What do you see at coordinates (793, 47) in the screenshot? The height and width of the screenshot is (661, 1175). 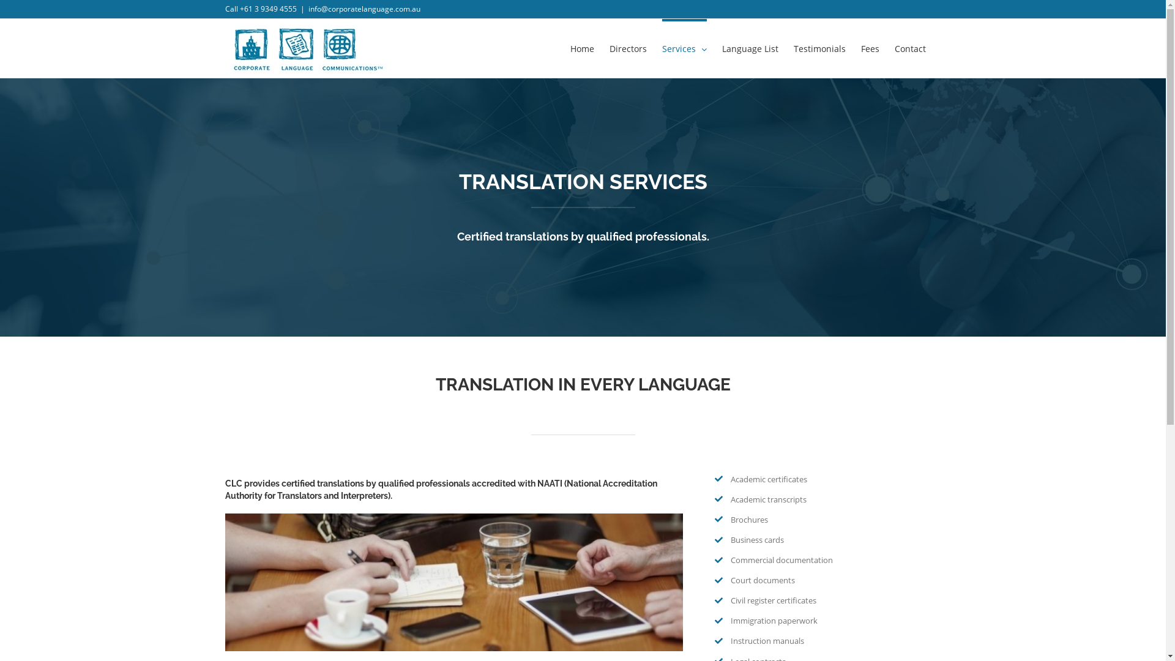 I see `'Testimonials'` at bounding box center [793, 47].